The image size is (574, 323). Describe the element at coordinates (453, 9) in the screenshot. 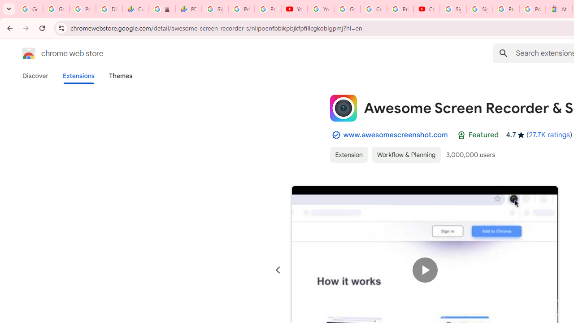

I see `'Sign in - Google Accounts'` at that location.